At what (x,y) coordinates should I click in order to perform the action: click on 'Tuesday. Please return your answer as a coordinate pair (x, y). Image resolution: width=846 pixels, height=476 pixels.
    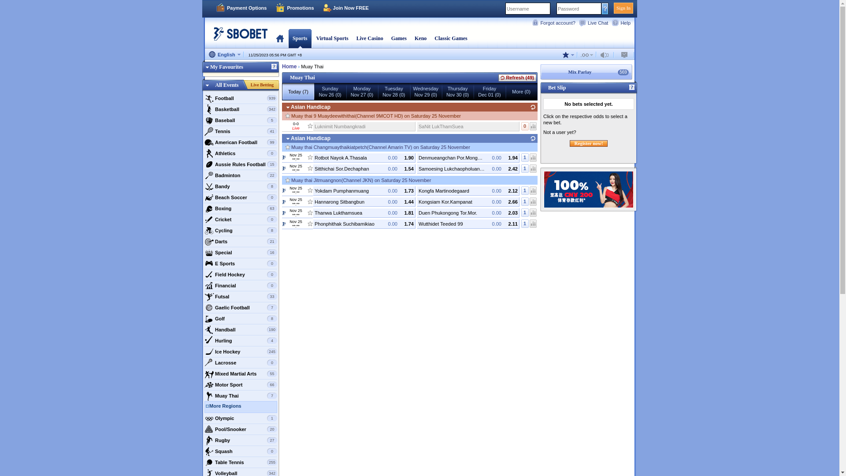
    Looking at the image, I should click on (393, 92).